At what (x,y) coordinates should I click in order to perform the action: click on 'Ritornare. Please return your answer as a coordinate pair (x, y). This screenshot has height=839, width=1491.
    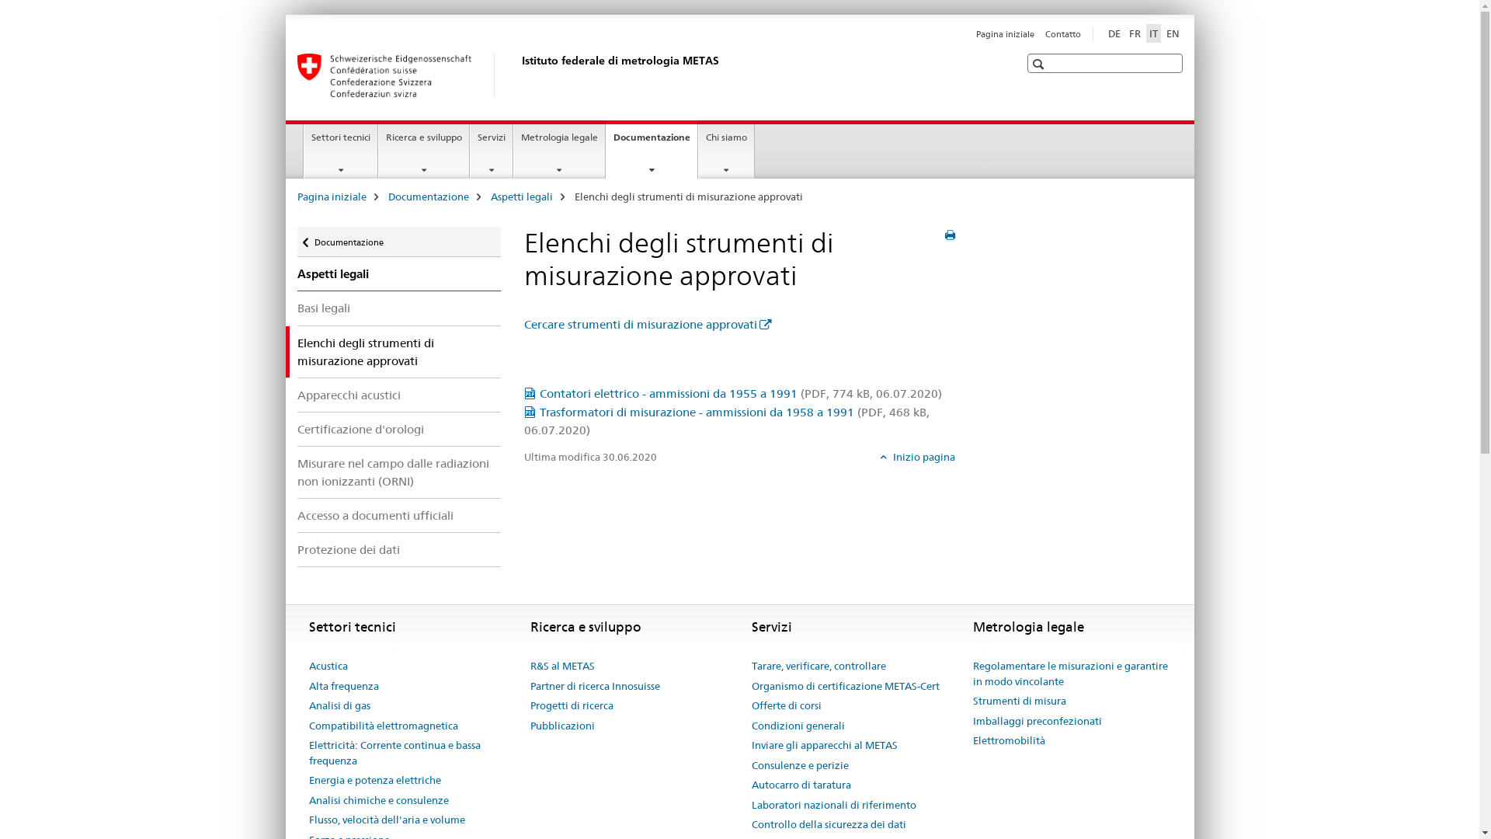
    Looking at the image, I should click on (398, 242).